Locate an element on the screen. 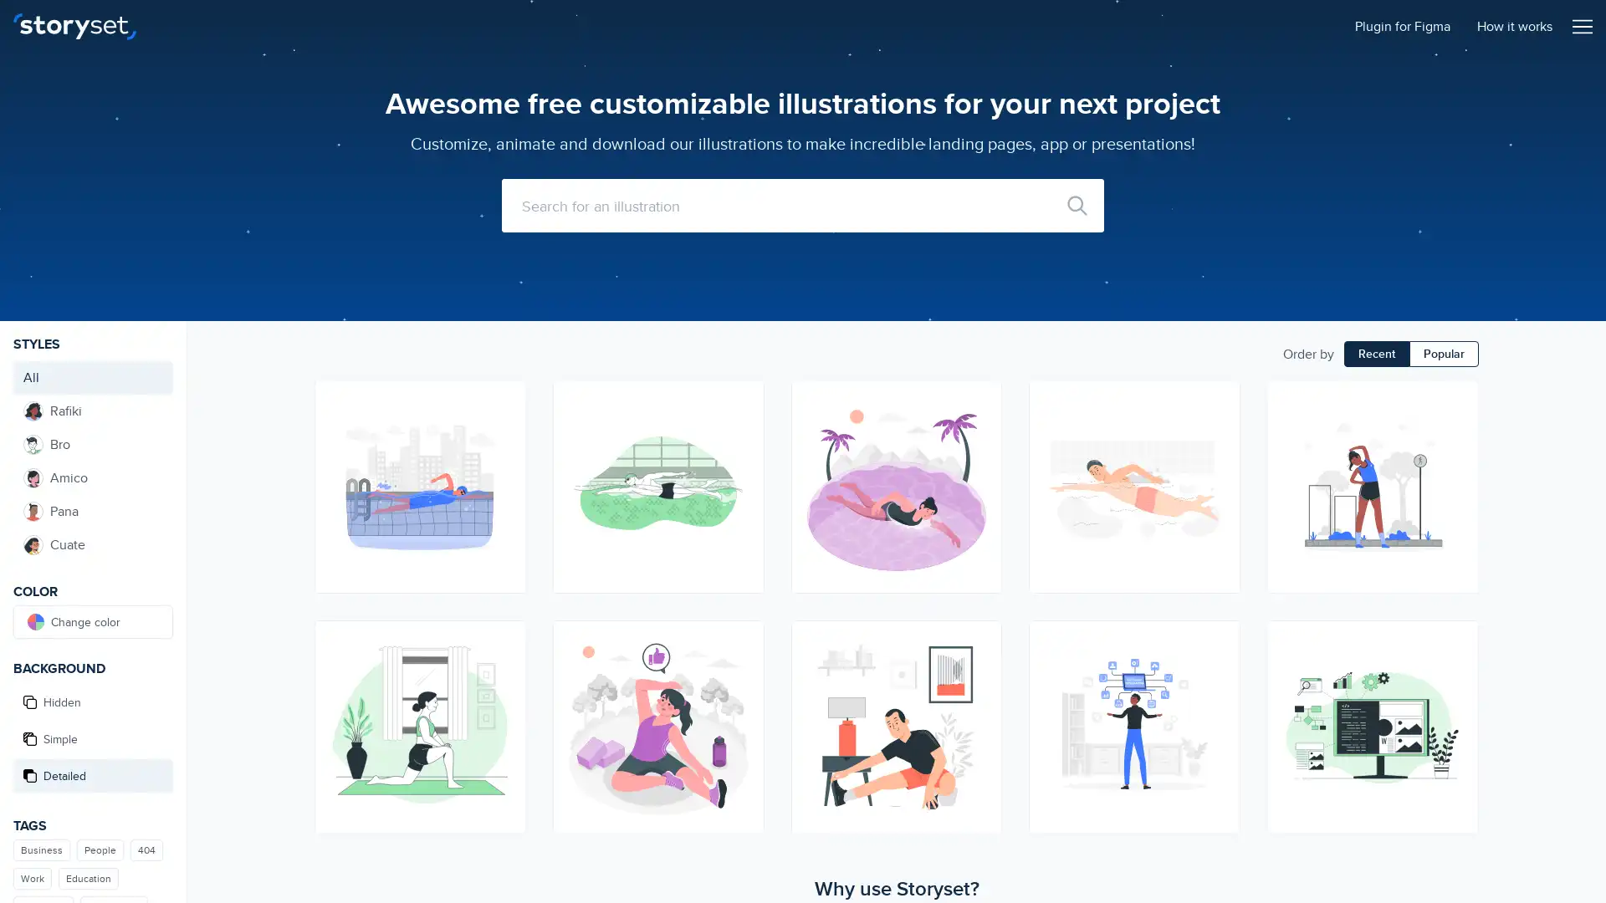 The image size is (1606, 903). wand icon Animate is located at coordinates (504, 400).